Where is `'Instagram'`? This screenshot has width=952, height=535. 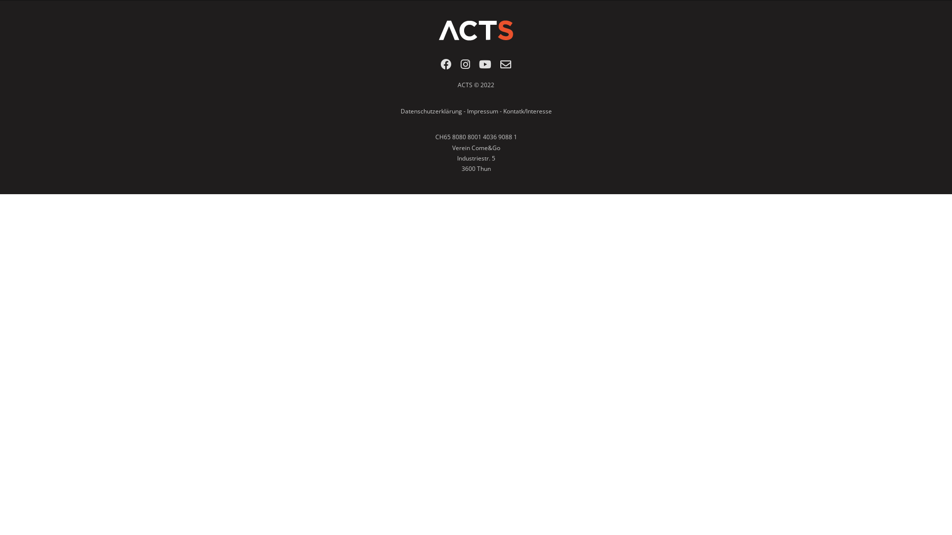 'Instagram' is located at coordinates (460, 67).